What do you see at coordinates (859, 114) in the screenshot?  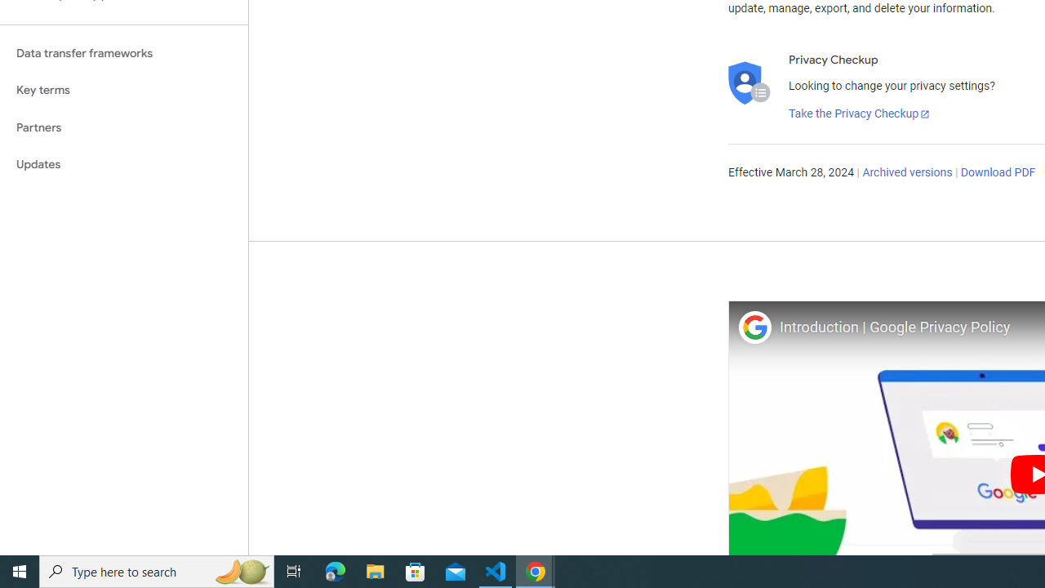 I see `'Take the Privacy Checkup'` at bounding box center [859, 114].